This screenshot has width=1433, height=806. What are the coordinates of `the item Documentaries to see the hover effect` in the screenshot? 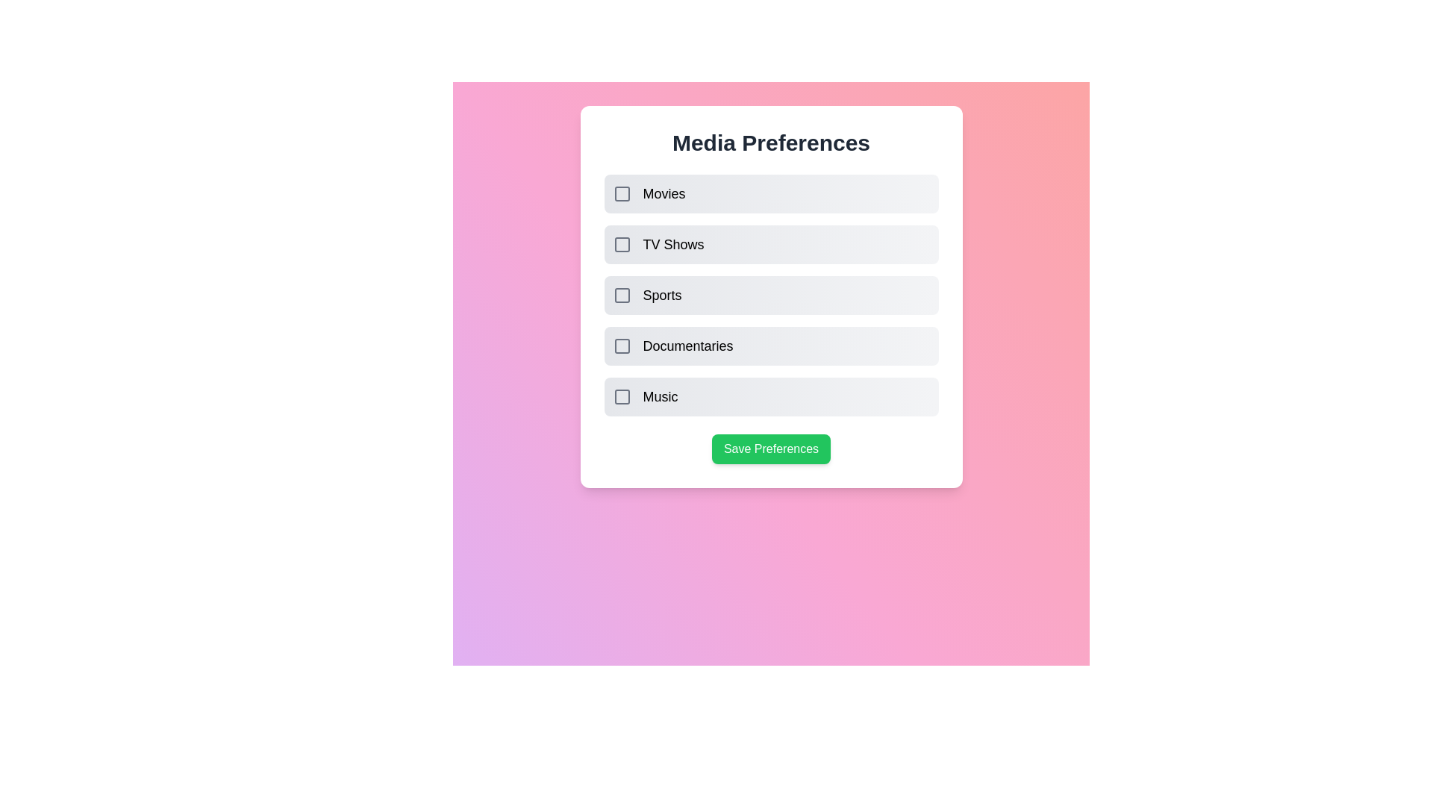 It's located at (771, 346).